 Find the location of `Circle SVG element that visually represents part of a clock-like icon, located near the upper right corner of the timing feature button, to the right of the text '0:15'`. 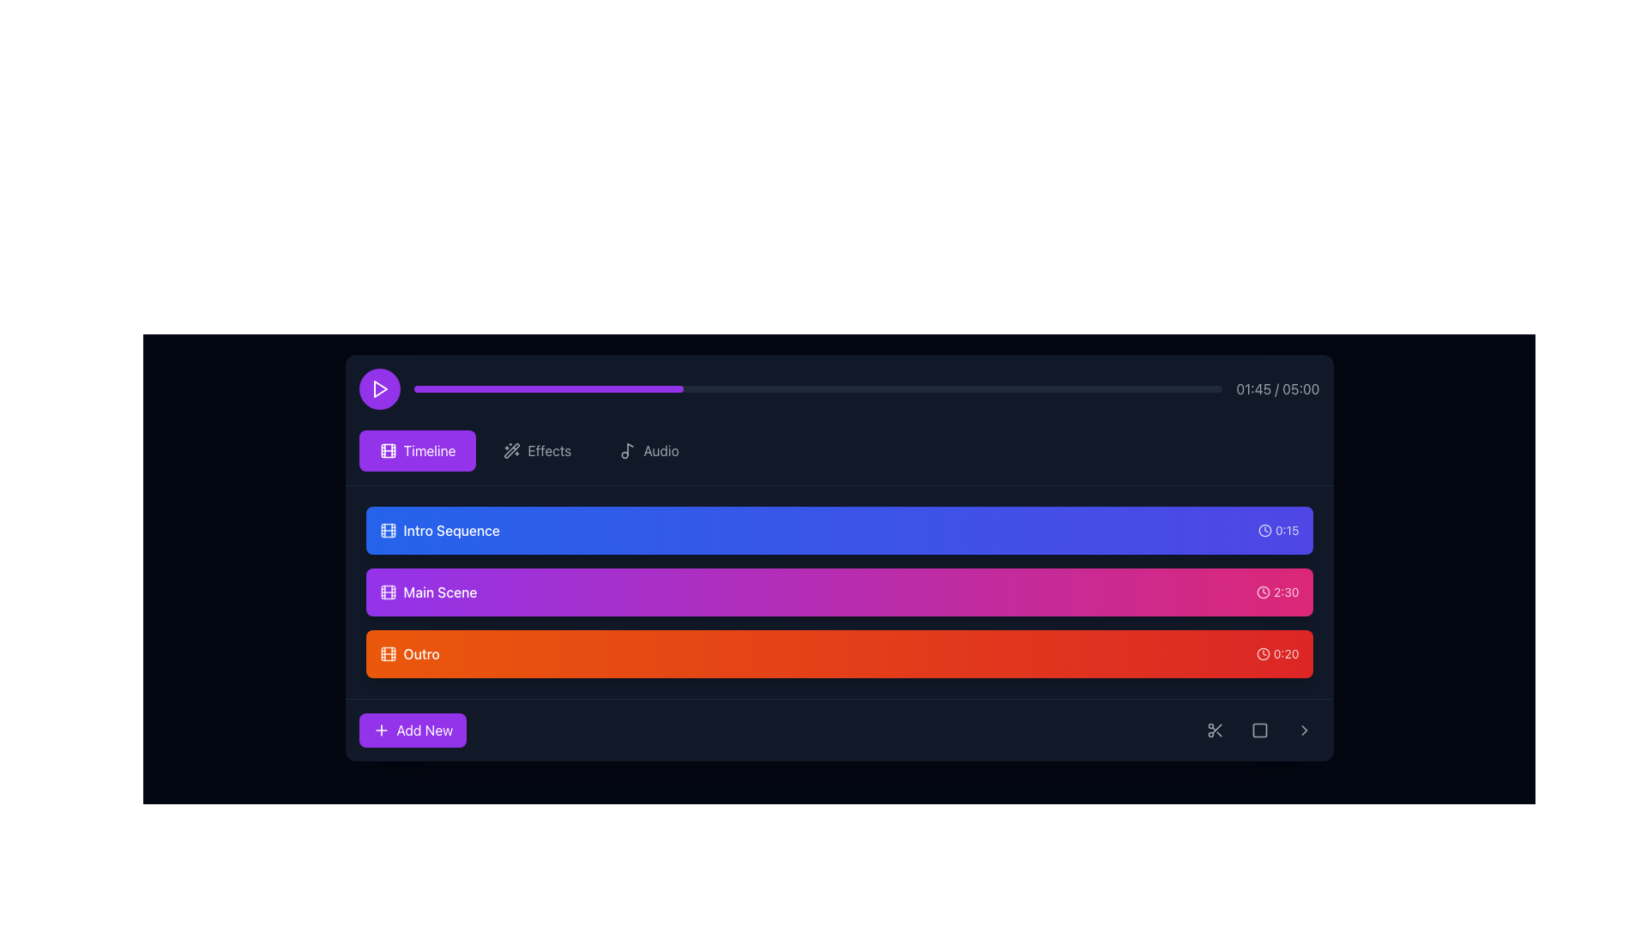

Circle SVG element that visually represents part of a clock-like icon, located near the upper right corner of the timing feature button, to the right of the text '0:15' is located at coordinates (1264, 591).